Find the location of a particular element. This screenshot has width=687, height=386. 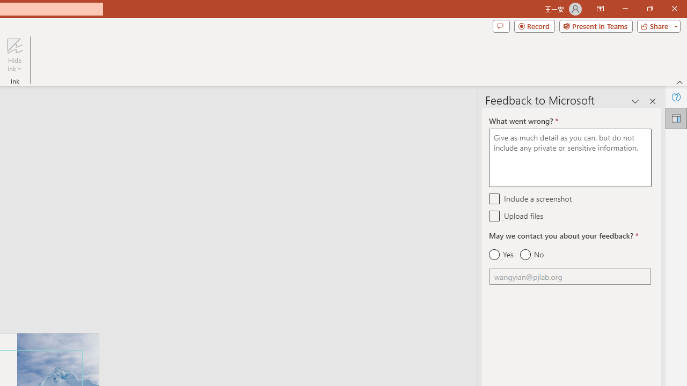

'Yes' is located at coordinates (501, 255).